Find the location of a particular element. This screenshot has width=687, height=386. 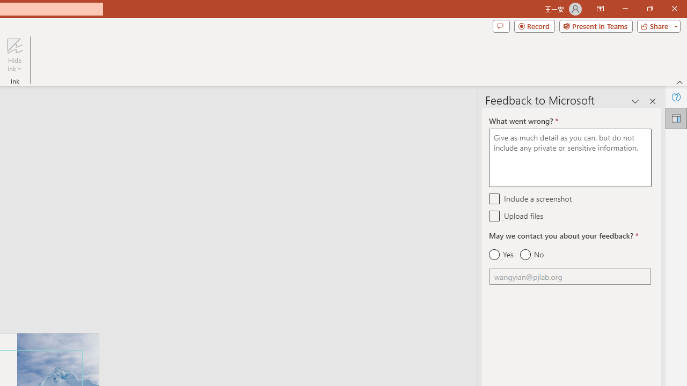

'Yes' is located at coordinates (501, 255).